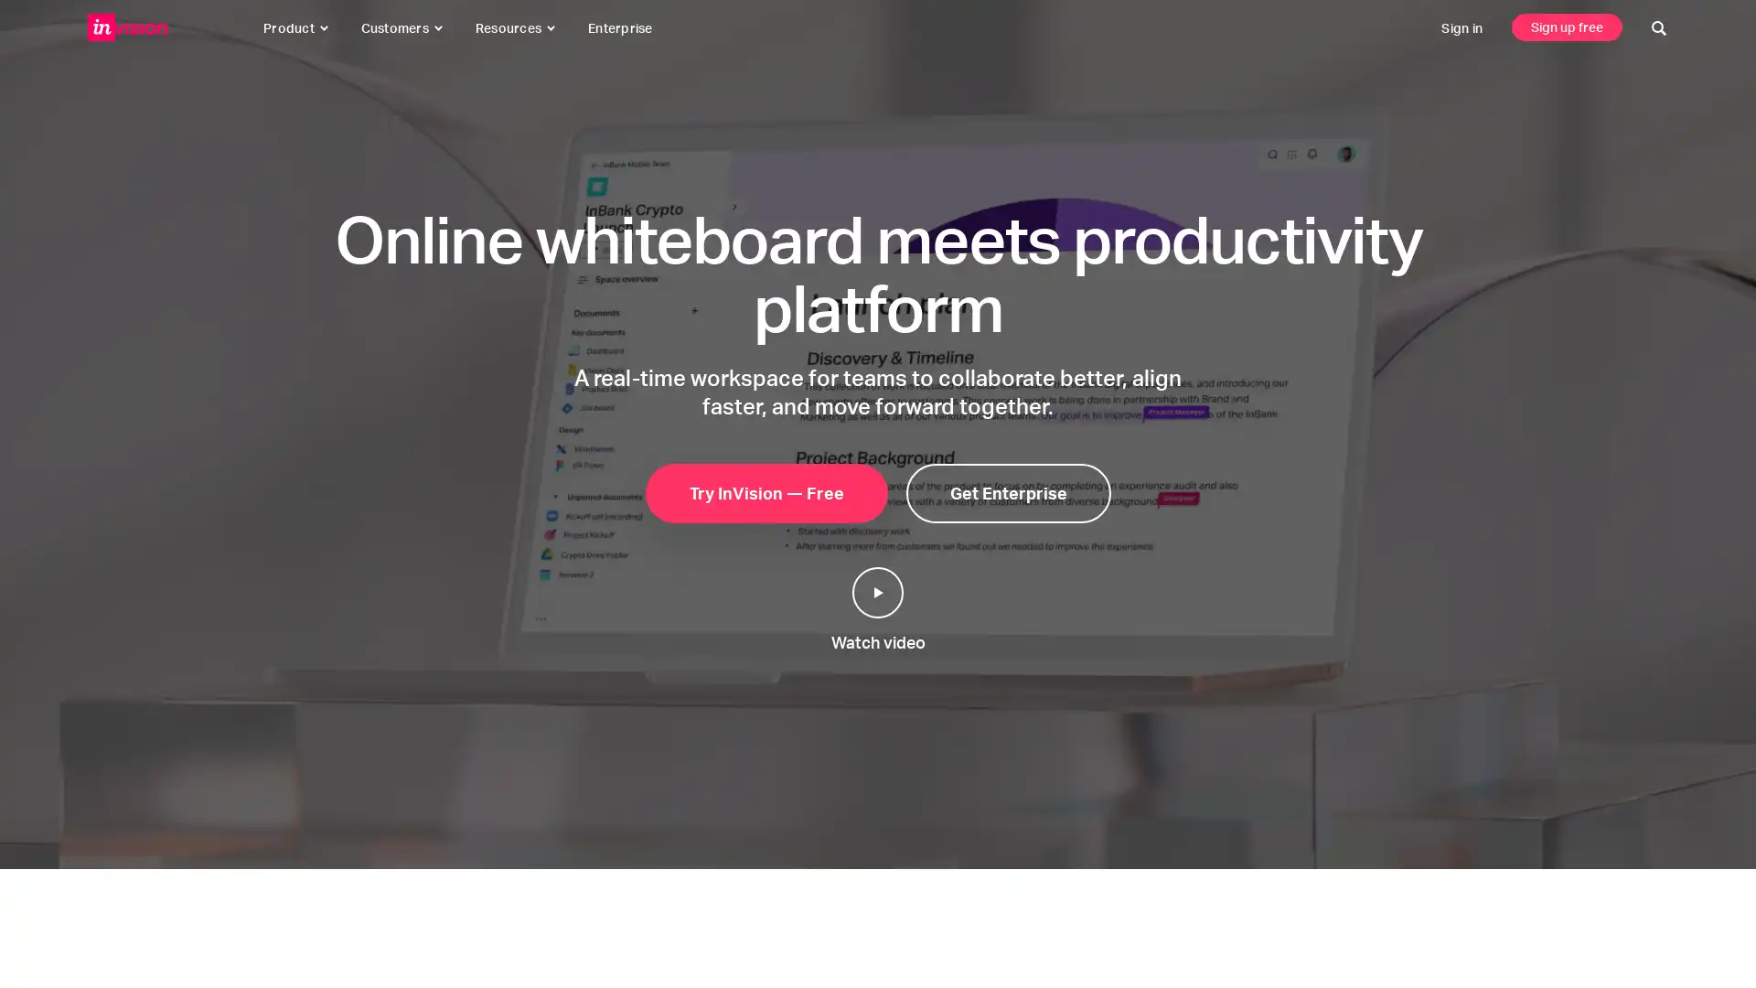 Image resolution: width=1756 pixels, height=988 pixels. Describe the element at coordinates (1007, 492) in the screenshot. I see `get enterprise` at that location.